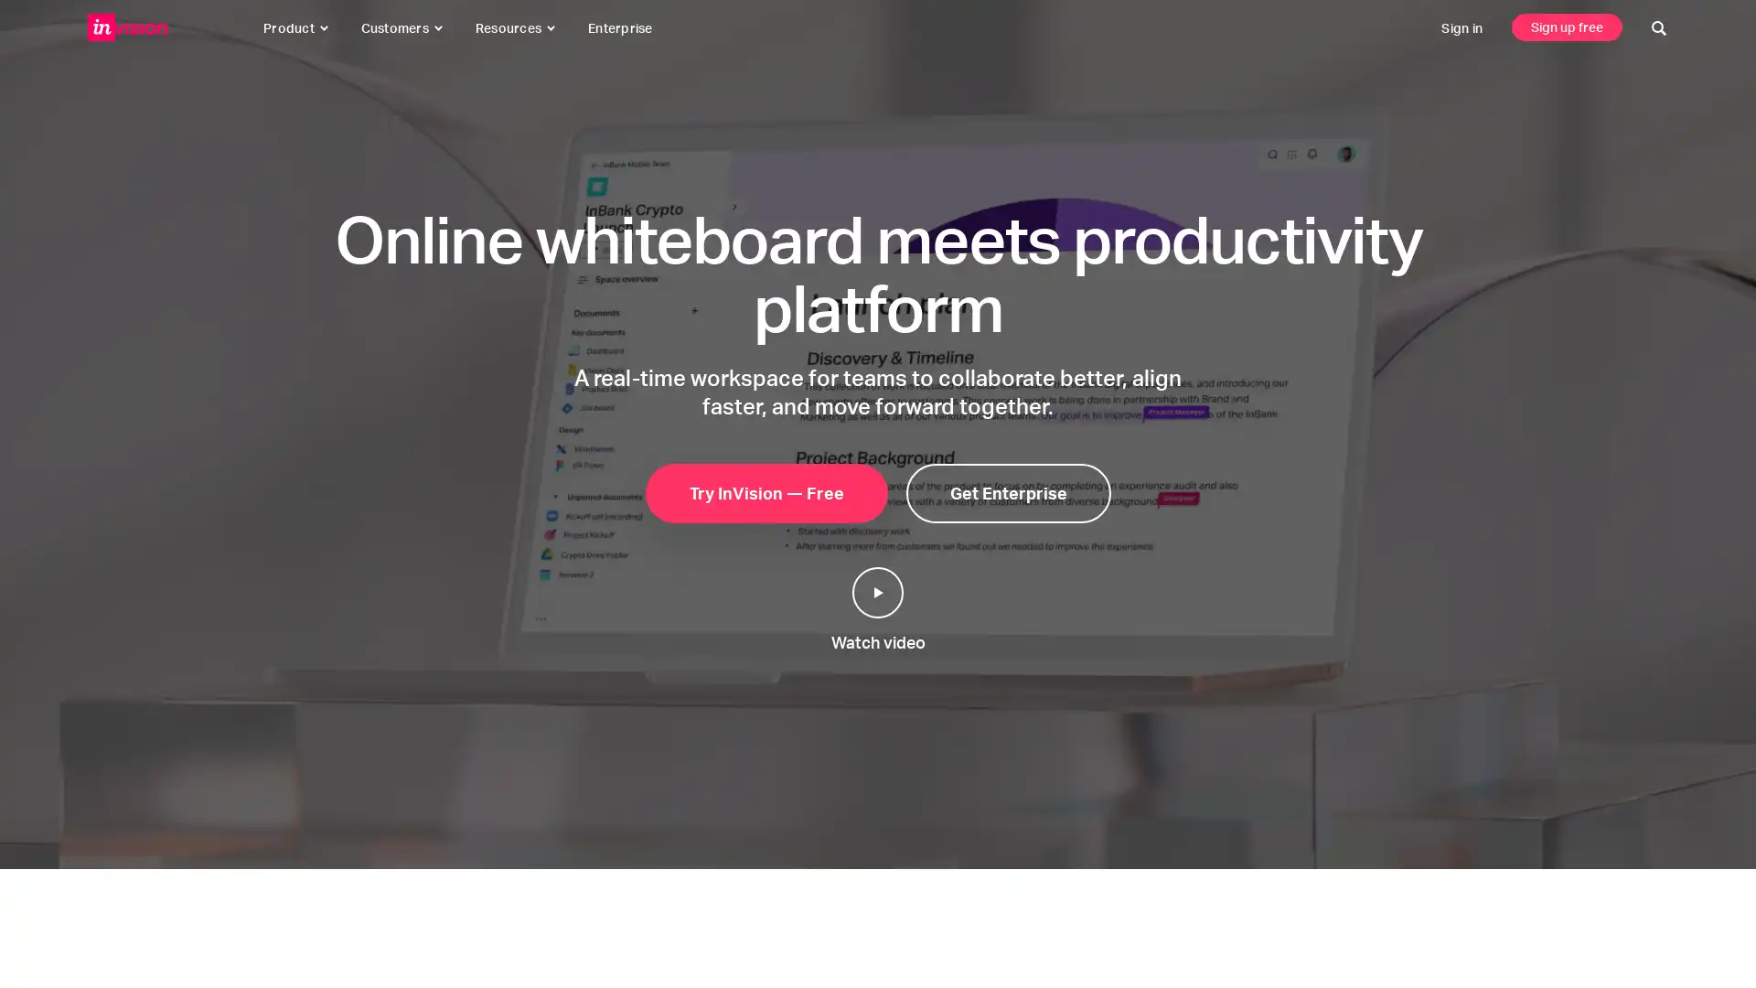 Image resolution: width=1756 pixels, height=988 pixels. Describe the element at coordinates (1007, 492) in the screenshot. I see `get enterprise` at that location.